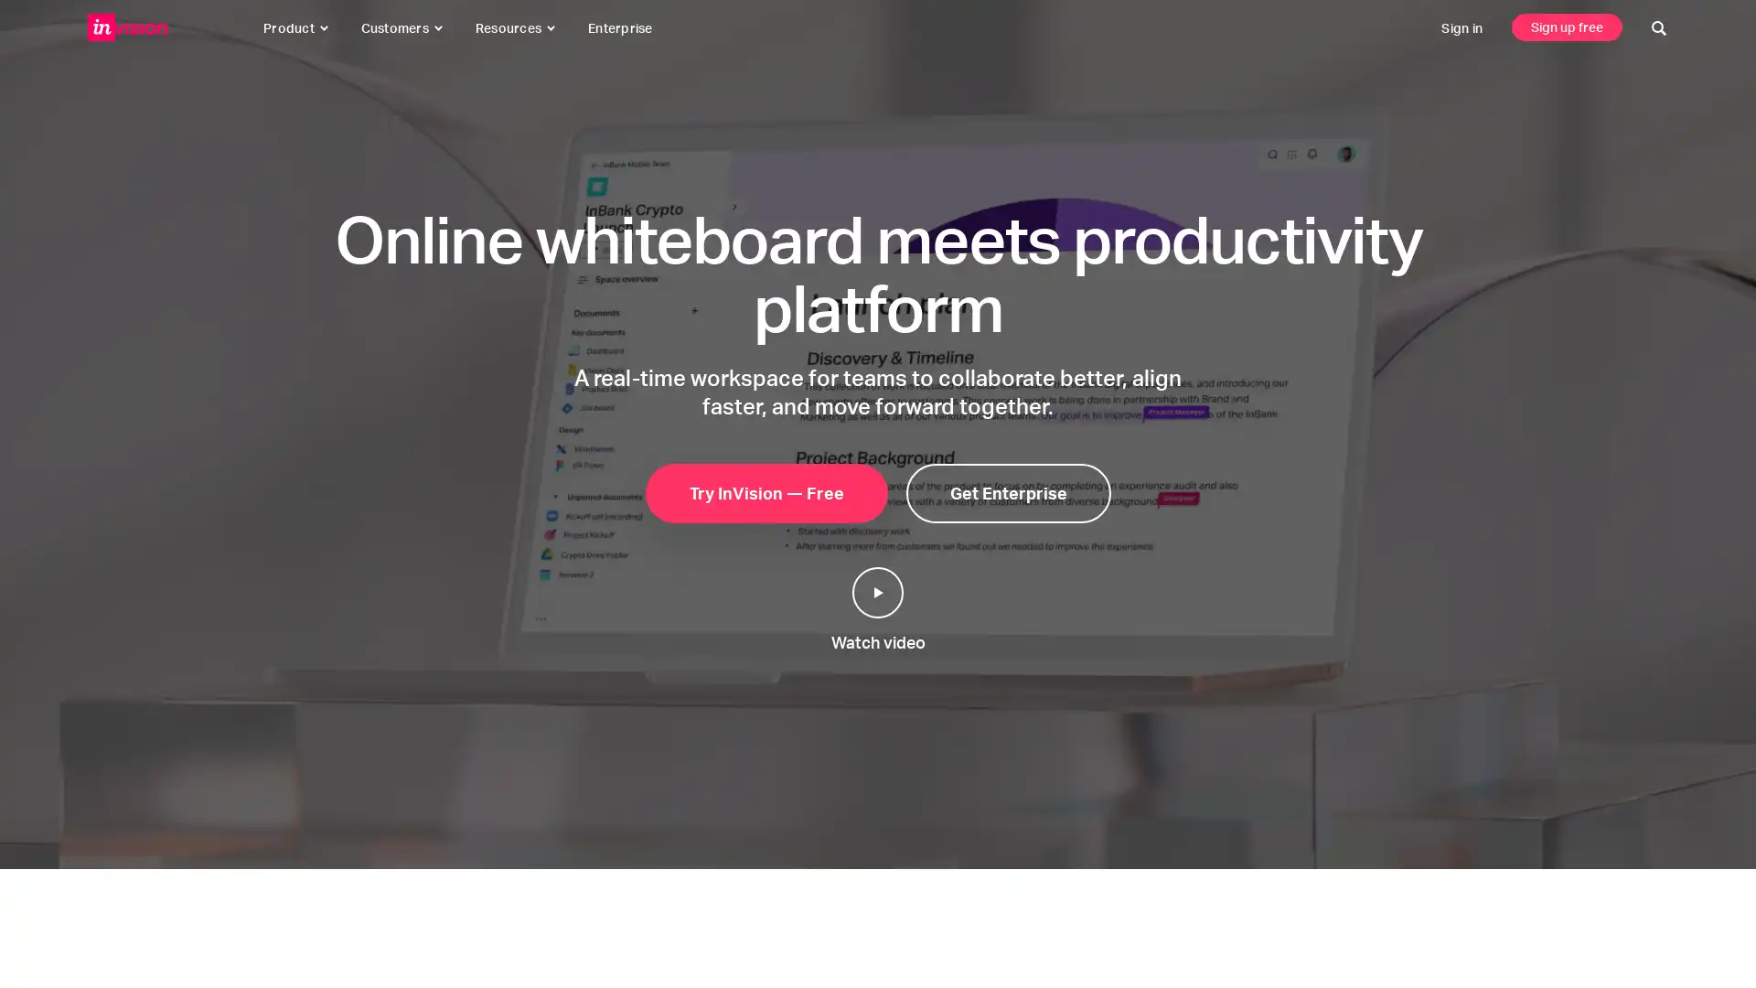 Image resolution: width=1756 pixels, height=988 pixels. Describe the element at coordinates (1007, 492) in the screenshot. I see `get enterprise` at that location.